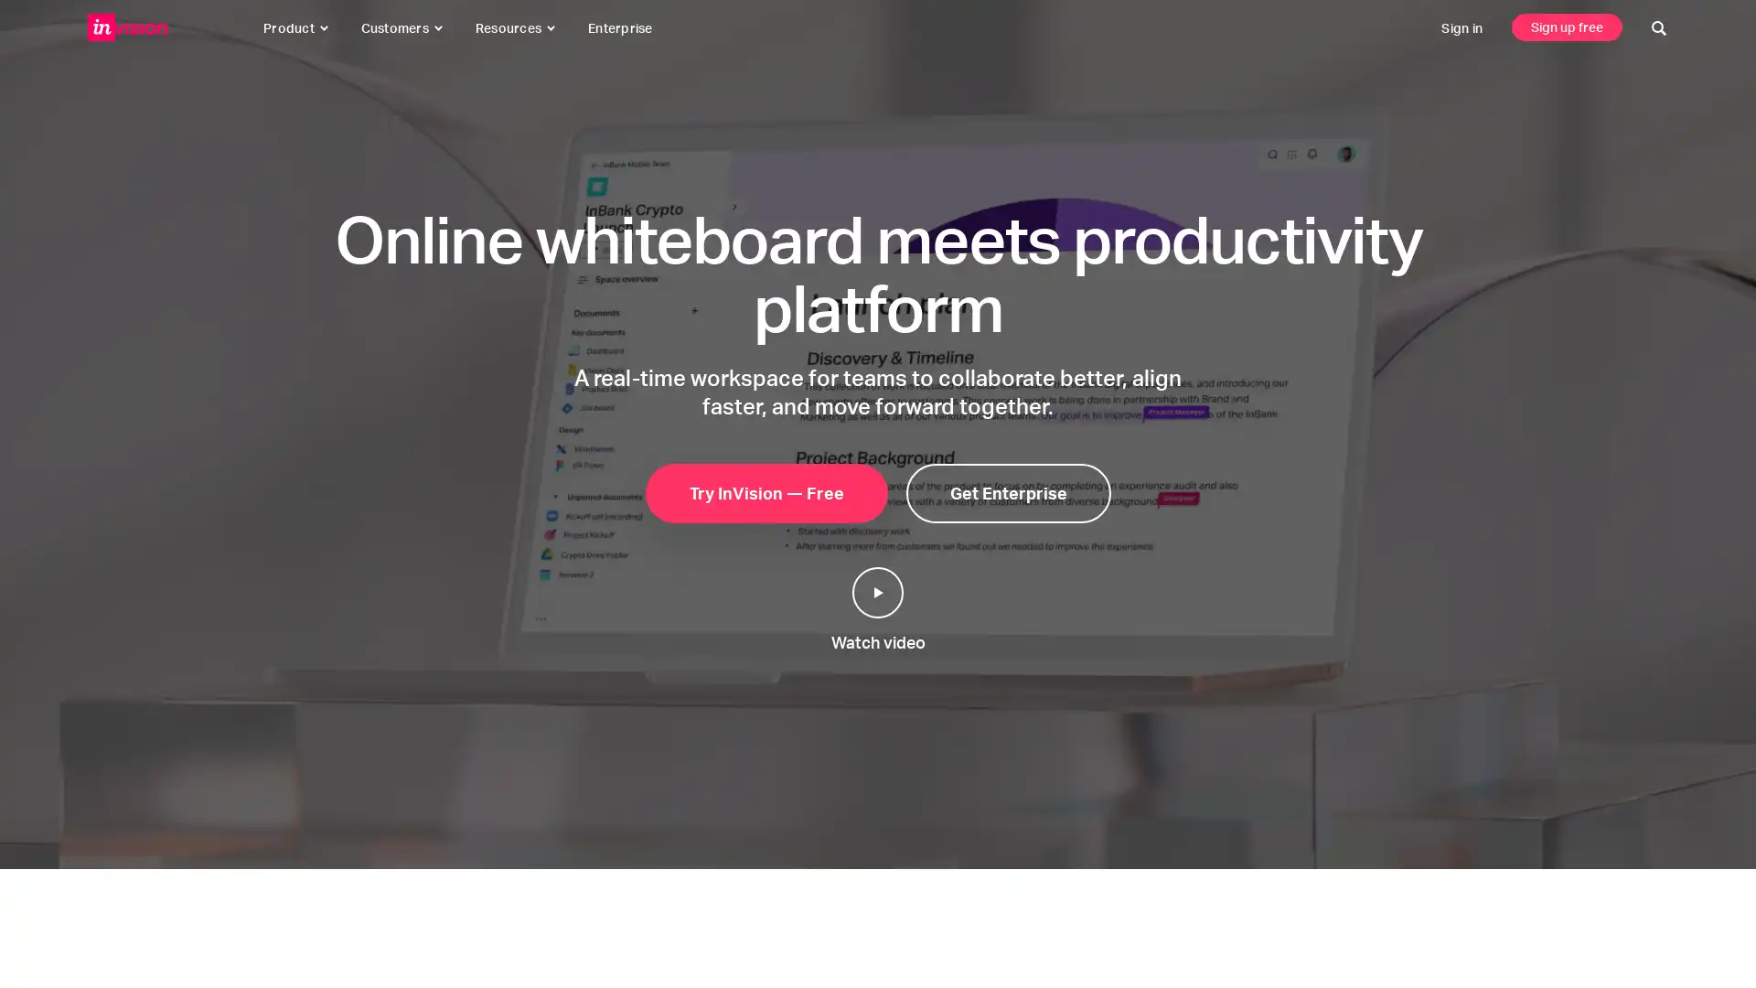 Image resolution: width=1756 pixels, height=988 pixels. Describe the element at coordinates (1007, 492) in the screenshot. I see `get enterprise` at that location.